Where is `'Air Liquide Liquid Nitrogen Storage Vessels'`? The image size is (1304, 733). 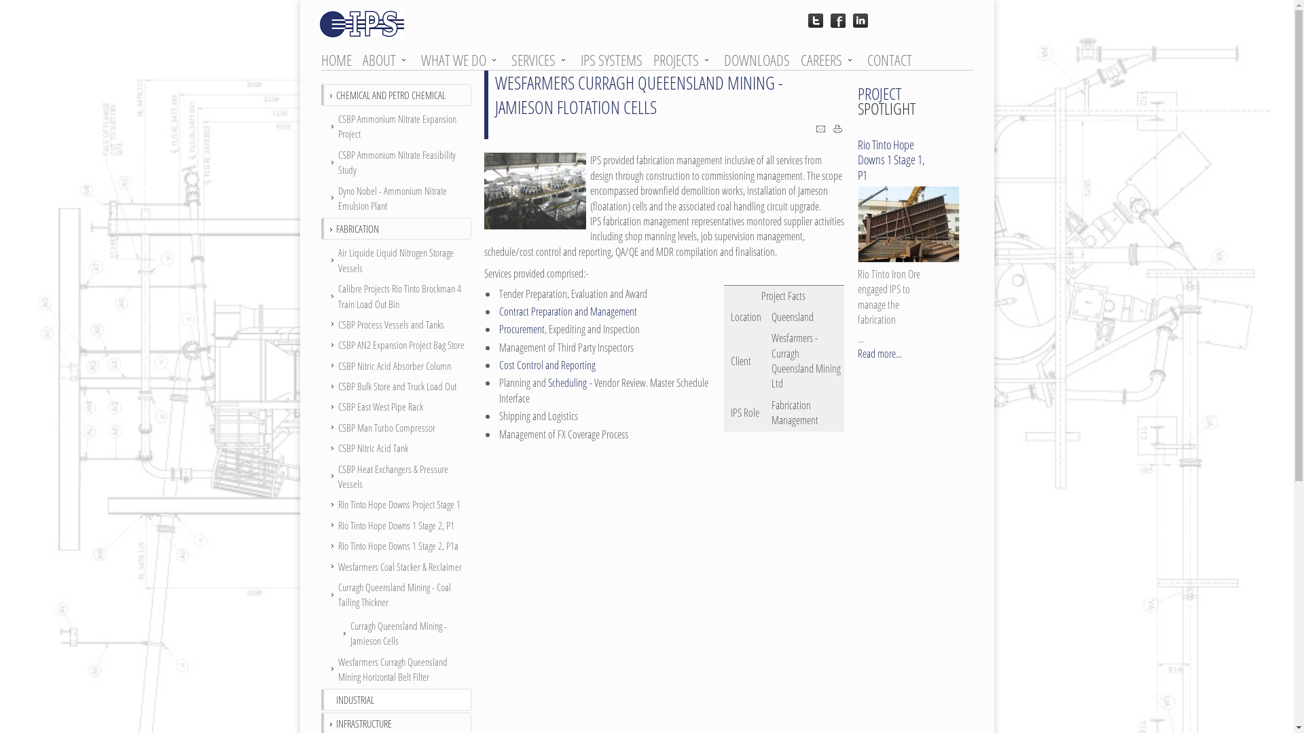
'Air Liquide Liquid Nitrogen Storage Vessels' is located at coordinates (396, 260).